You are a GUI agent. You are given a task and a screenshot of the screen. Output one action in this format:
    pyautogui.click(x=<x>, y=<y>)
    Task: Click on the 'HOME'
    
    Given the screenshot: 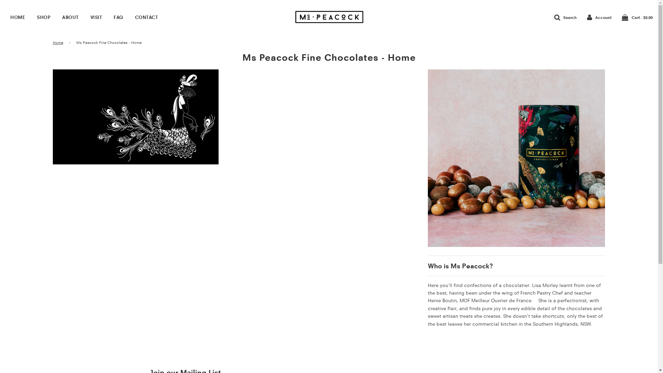 What is the action you would take?
    pyautogui.click(x=18, y=17)
    